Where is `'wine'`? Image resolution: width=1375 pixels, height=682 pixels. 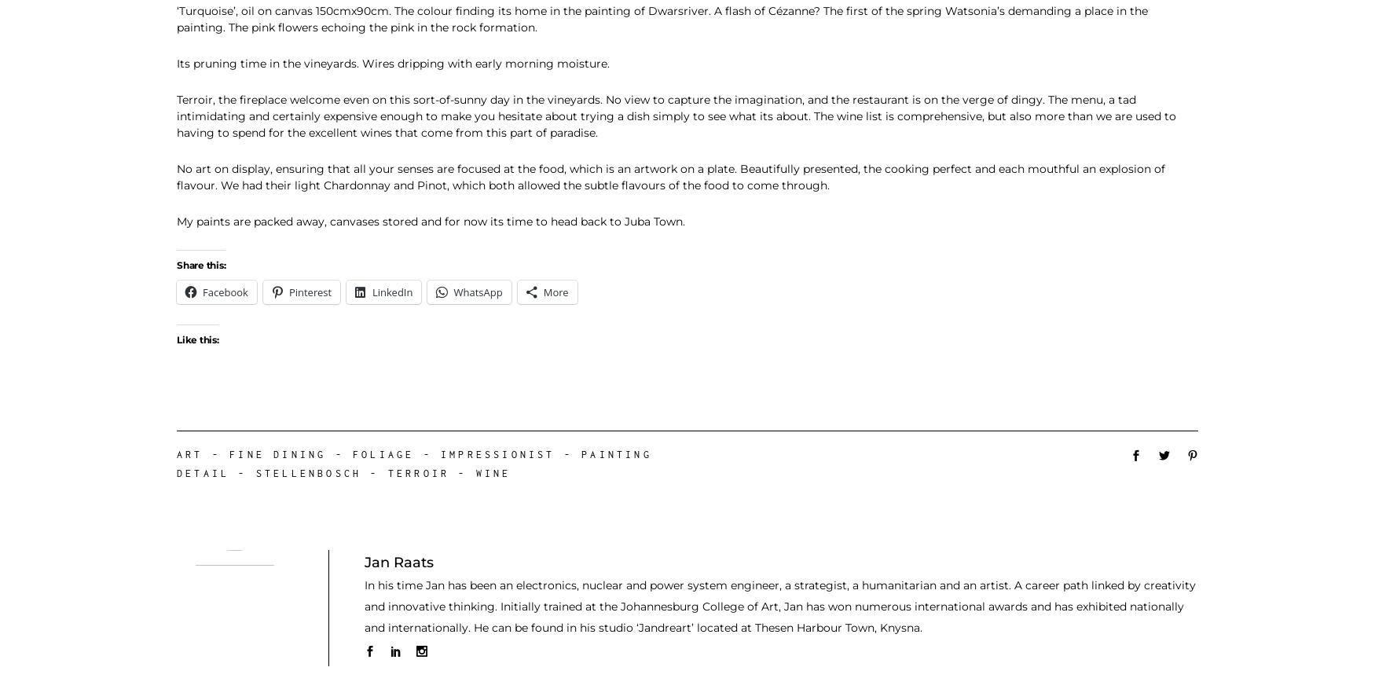 'wine' is located at coordinates (475, 472).